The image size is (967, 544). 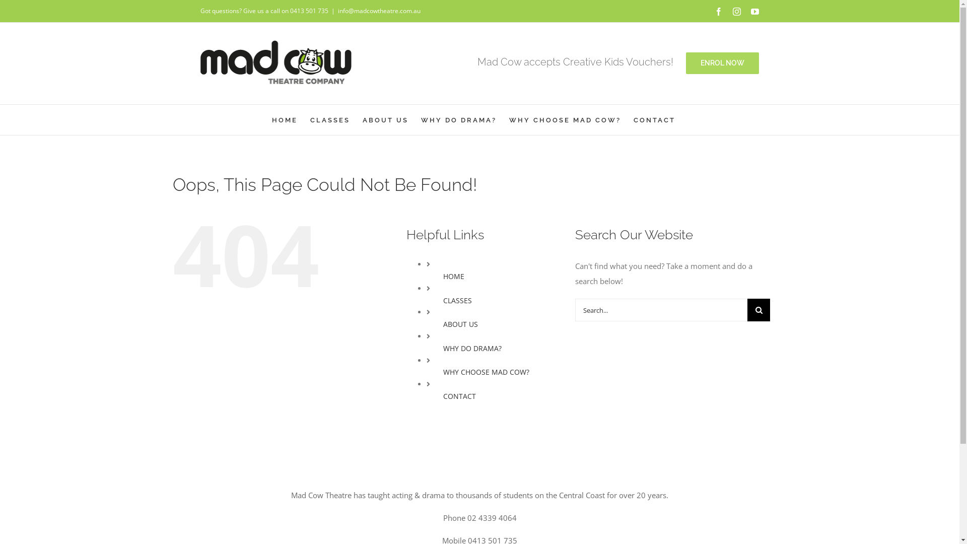 I want to click on 'WHY DO DRAMA?', so click(x=471, y=348).